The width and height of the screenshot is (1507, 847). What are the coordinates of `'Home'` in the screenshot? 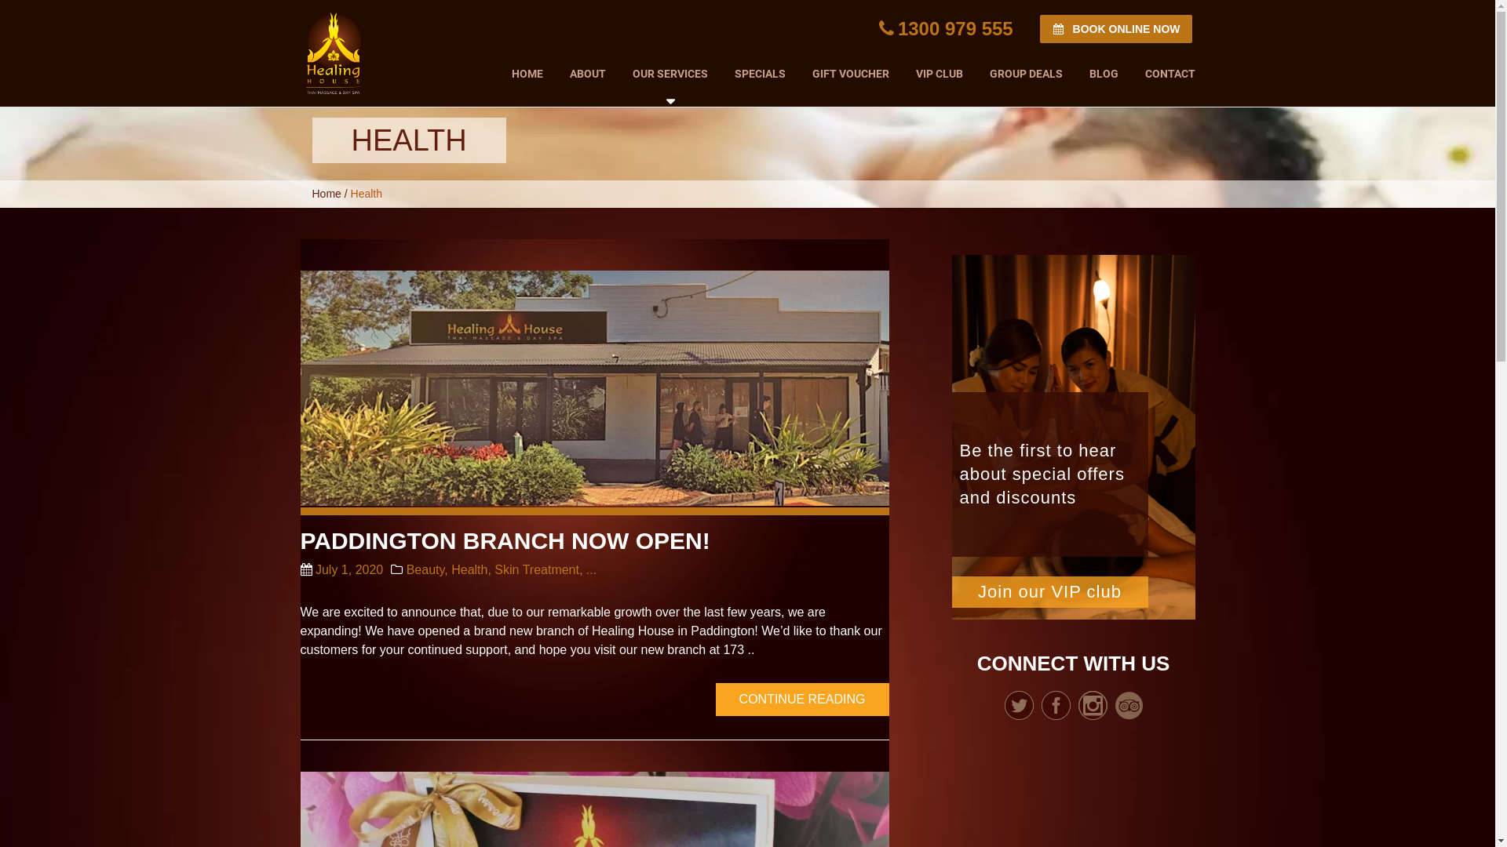 It's located at (326, 192).